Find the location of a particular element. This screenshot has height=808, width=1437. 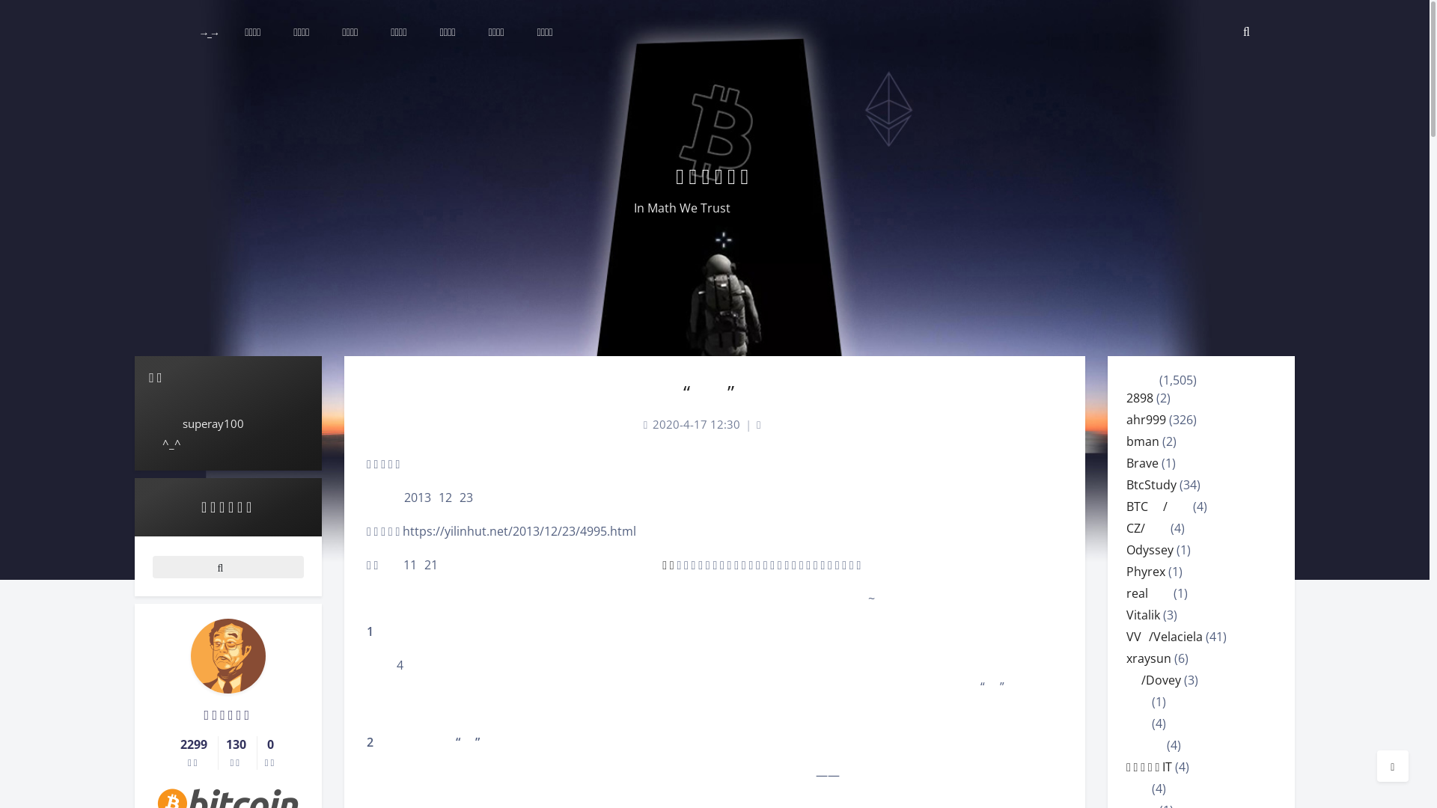

'bman' is located at coordinates (1141, 441).